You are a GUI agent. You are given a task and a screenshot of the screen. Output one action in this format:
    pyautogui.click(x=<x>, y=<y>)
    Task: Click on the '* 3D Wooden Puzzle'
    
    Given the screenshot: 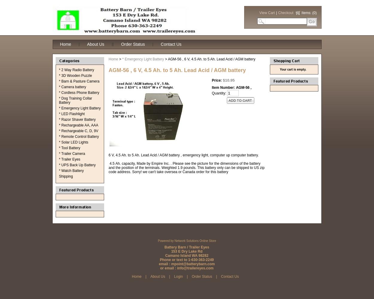 What is the action you would take?
    pyautogui.click(x=59, y=76)
    